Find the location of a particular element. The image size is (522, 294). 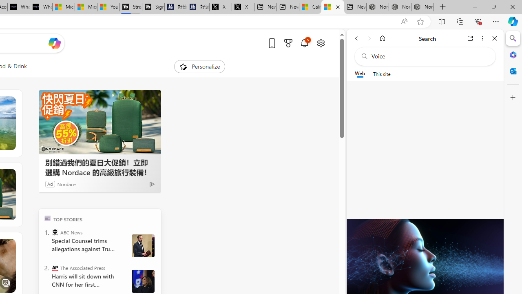

'Outlook' is located at coordinates (513, 71).